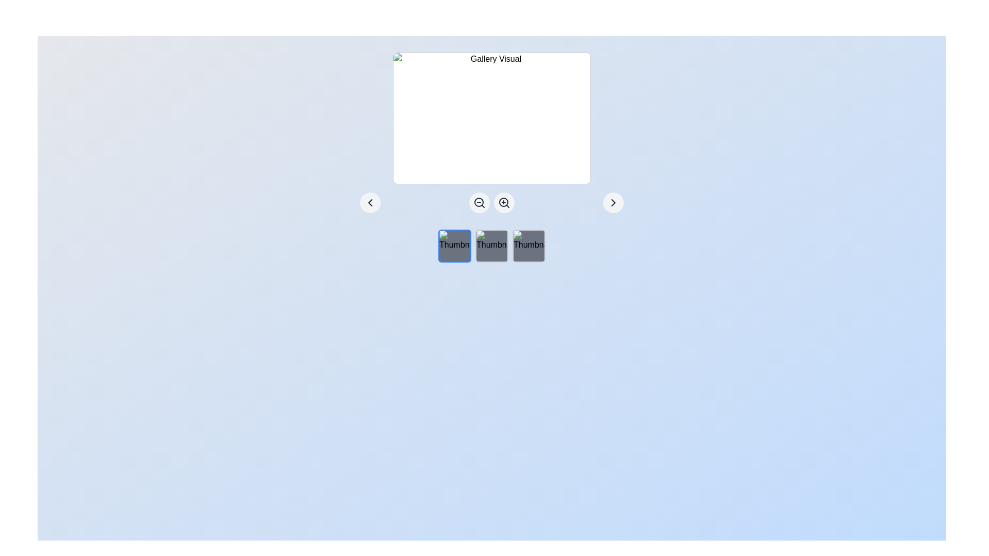 The height and width of the screenshot is (556, 989). Describe the element at coordinates (529, 246) in the screenshot. I see `the thumbnail image` at that location.